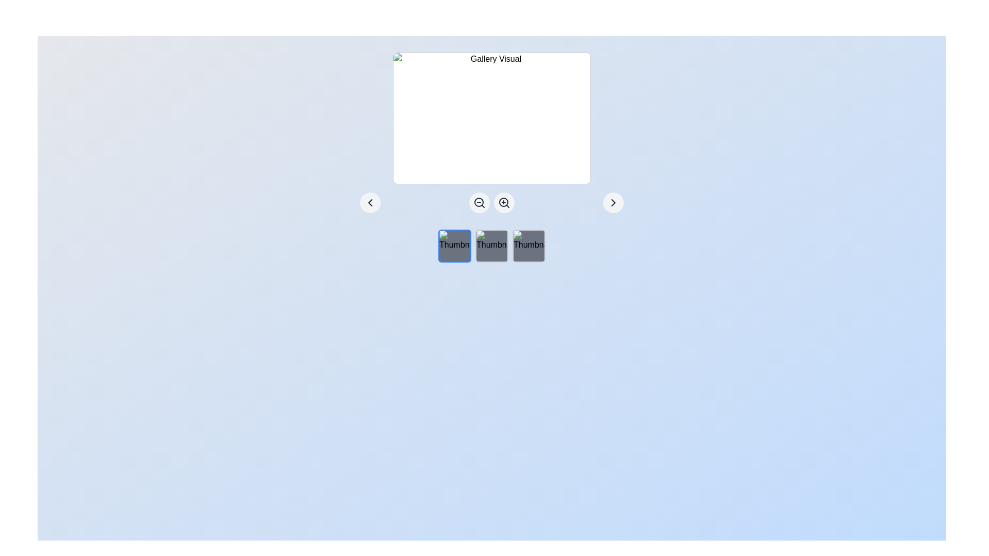 The height and width of the screenshot is (556, 989). Describe the element at coordinates (529, 246) in the screenshot. I see `the thumbnail image` at that location.